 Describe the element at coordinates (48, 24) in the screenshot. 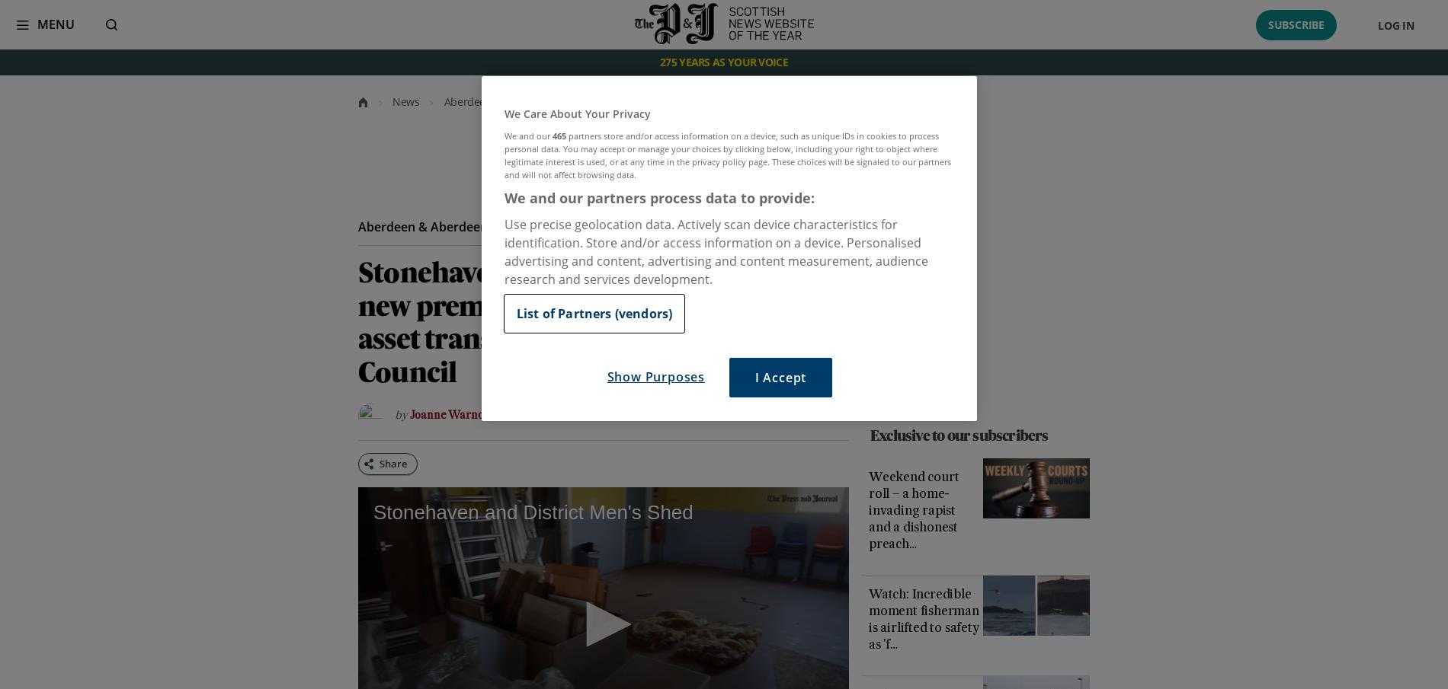

I see `'Go'` at that location.